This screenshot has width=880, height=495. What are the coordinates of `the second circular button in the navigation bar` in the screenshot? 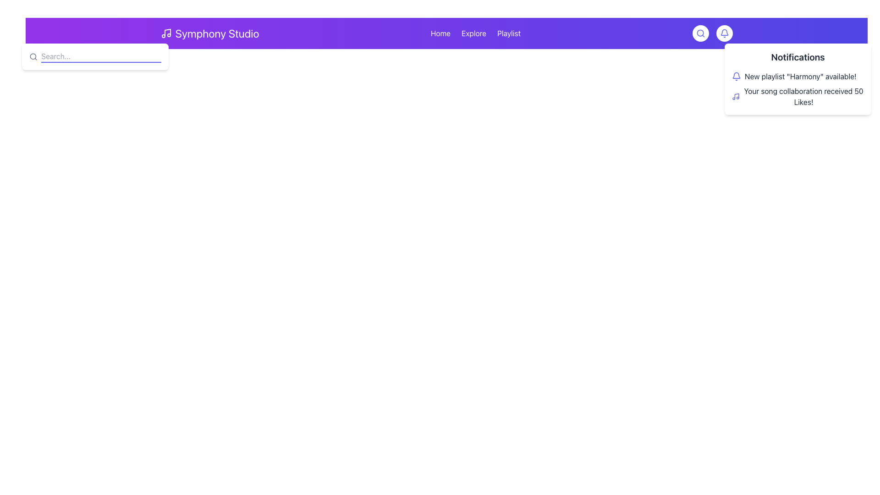 It's located at (724, 33).